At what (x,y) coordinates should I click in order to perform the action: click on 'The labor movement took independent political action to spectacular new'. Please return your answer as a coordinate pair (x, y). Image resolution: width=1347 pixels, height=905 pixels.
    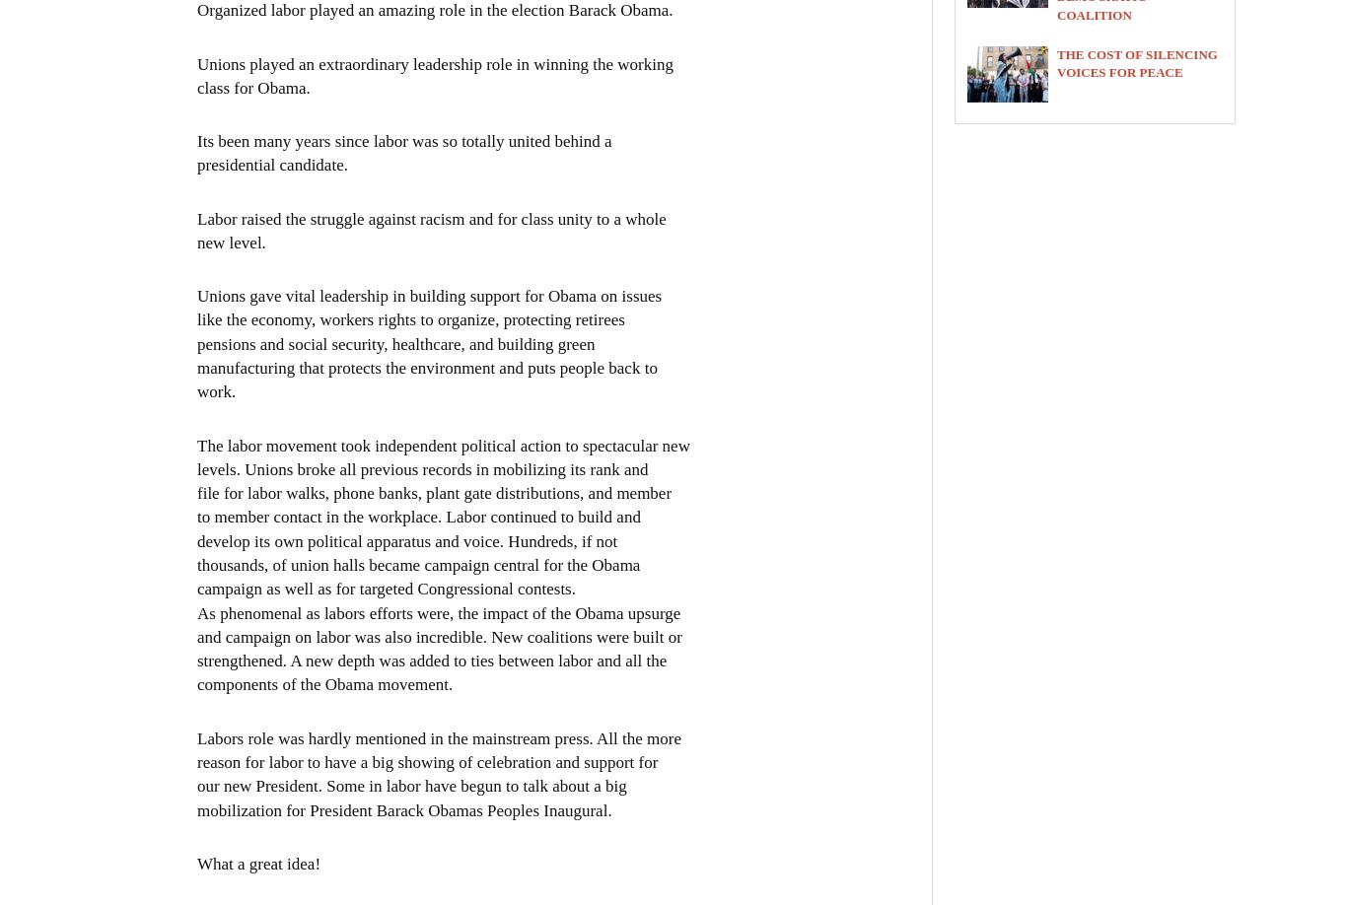
    Looking at the image, I should click on (442, 443).